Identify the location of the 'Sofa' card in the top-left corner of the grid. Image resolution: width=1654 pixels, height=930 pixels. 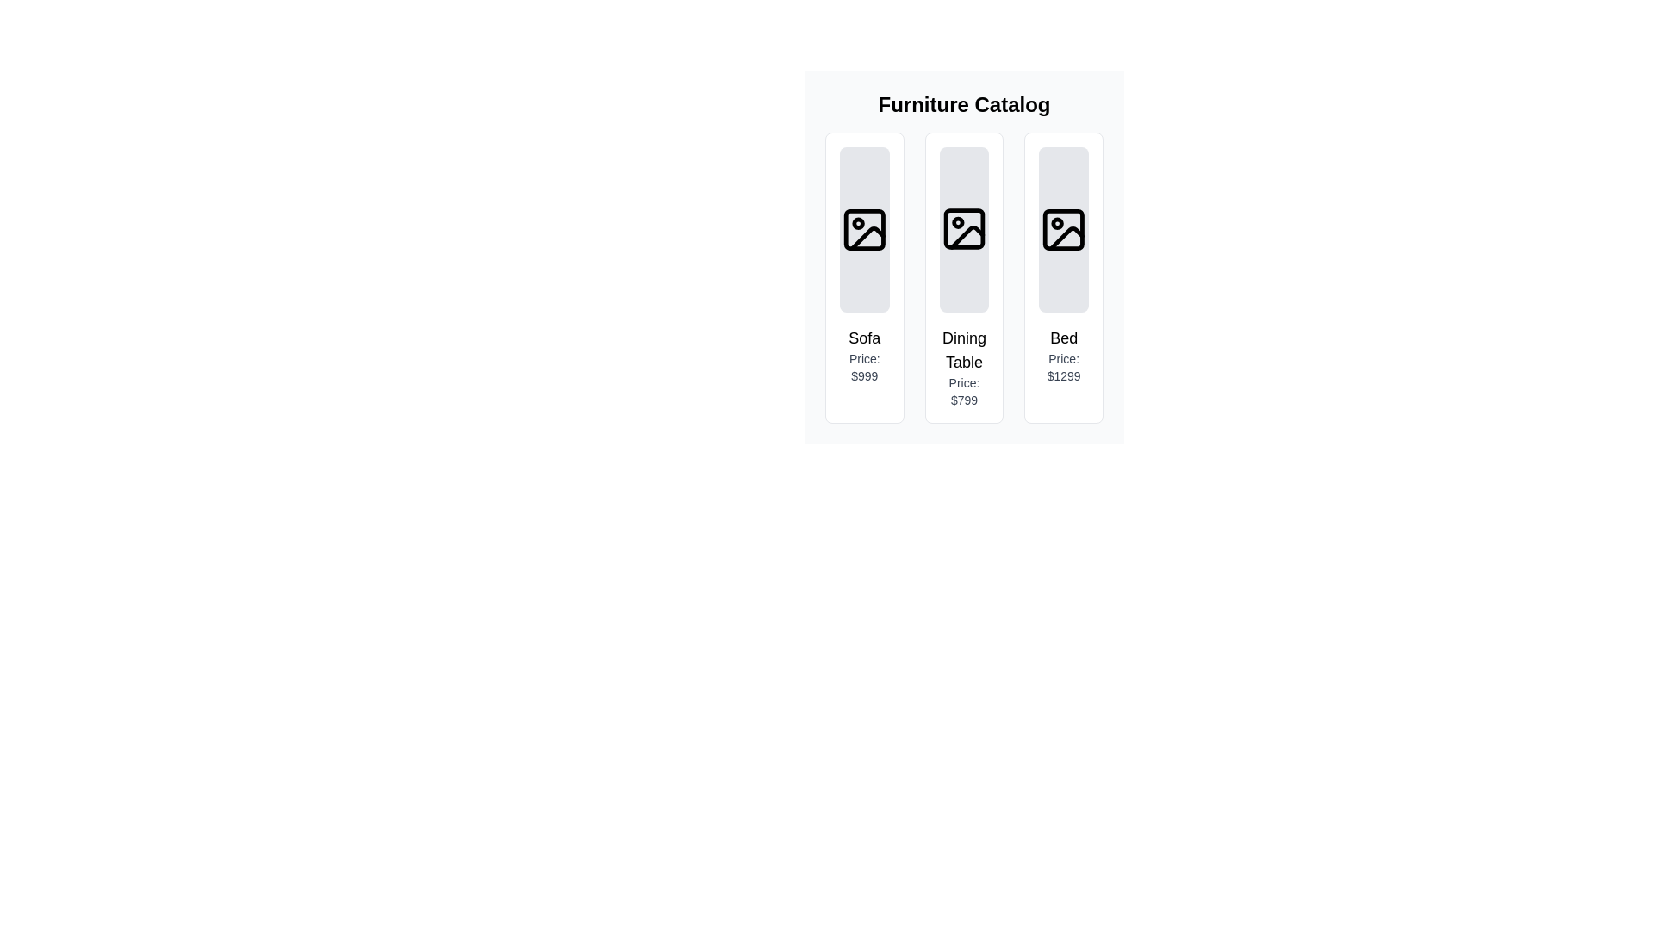
(864, 277).